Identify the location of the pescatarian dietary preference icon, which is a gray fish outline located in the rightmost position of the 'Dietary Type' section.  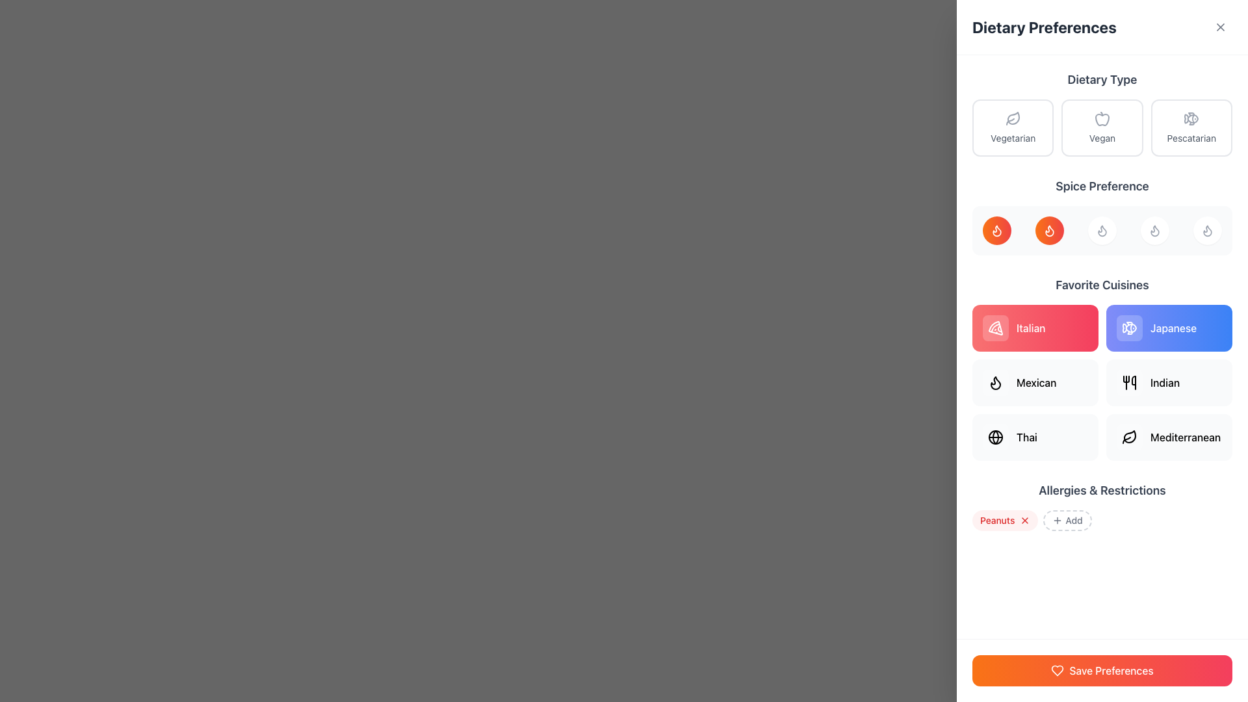
(1191, 118).